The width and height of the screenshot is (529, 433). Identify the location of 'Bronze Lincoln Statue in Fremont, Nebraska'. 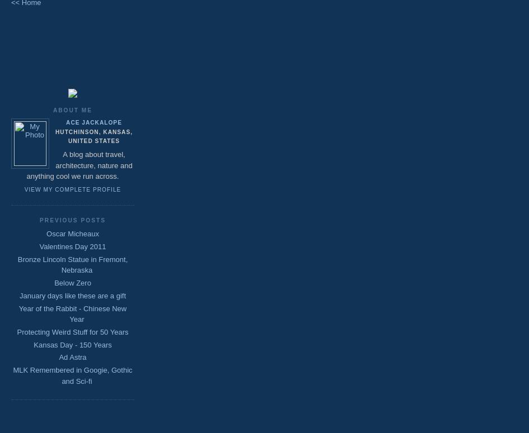
(72, 264).